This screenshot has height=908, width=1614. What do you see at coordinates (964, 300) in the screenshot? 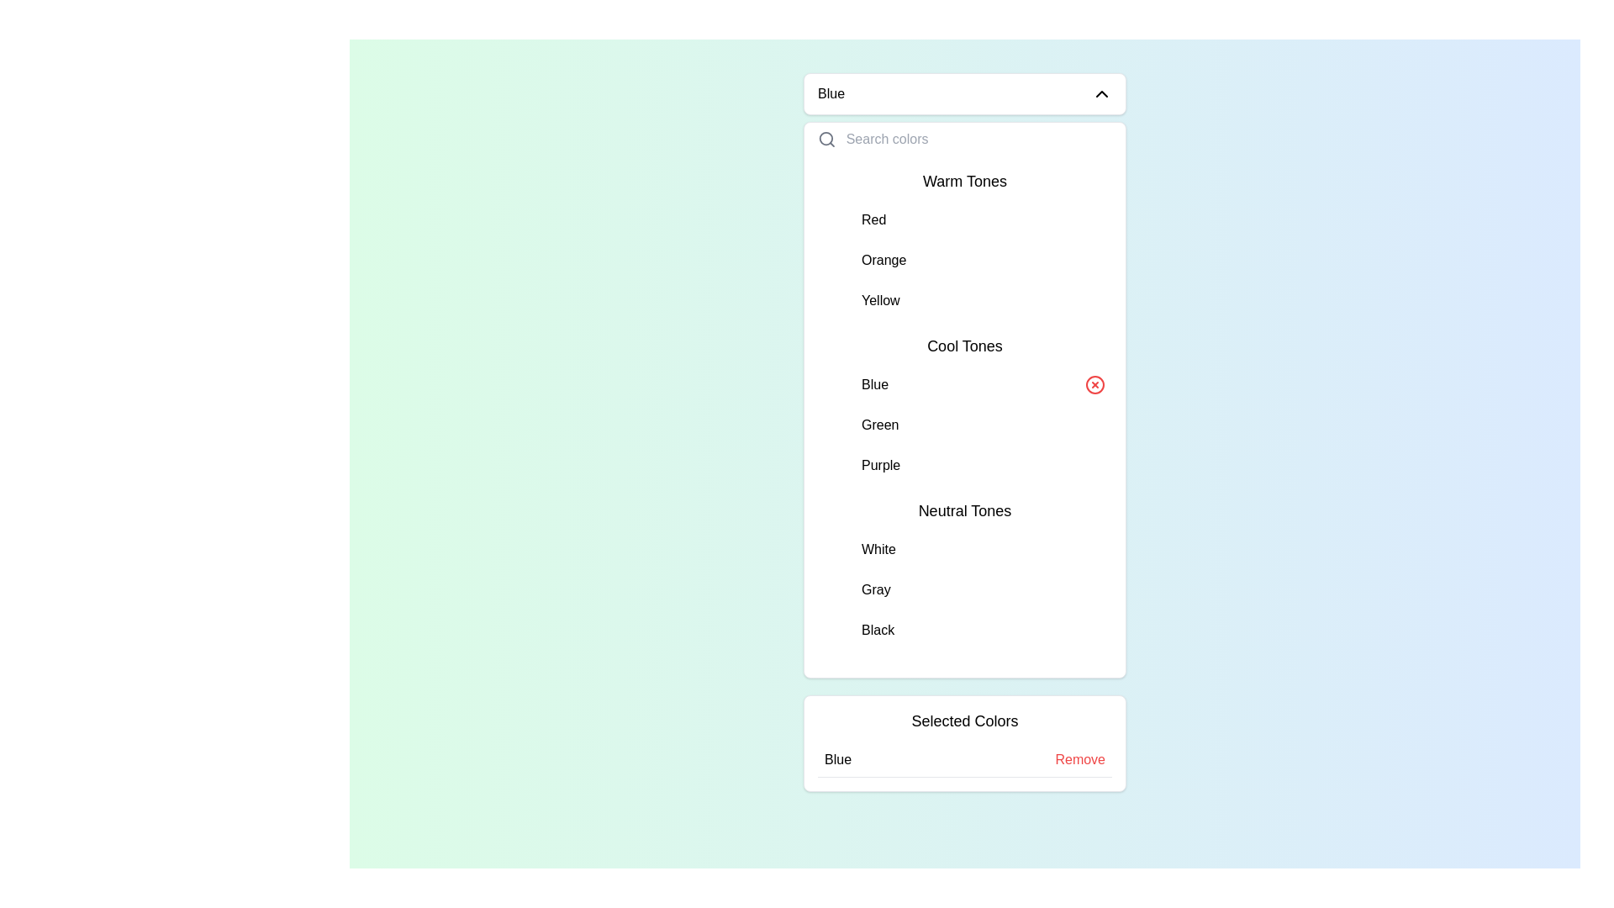
I see `the selectable list item labeled 'Yellow'` at bounding box center [964, 300].